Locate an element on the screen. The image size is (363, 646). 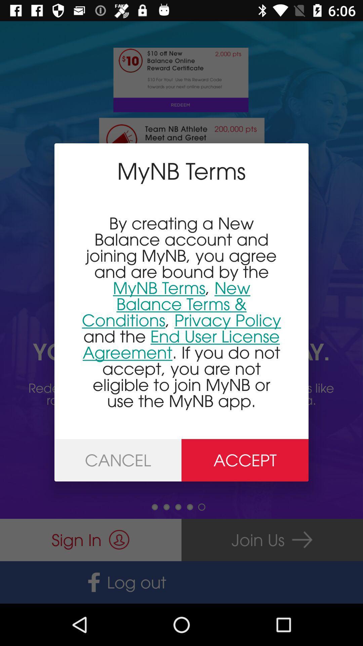
the icon to the left of accept item is located at coordinates (118, 460).